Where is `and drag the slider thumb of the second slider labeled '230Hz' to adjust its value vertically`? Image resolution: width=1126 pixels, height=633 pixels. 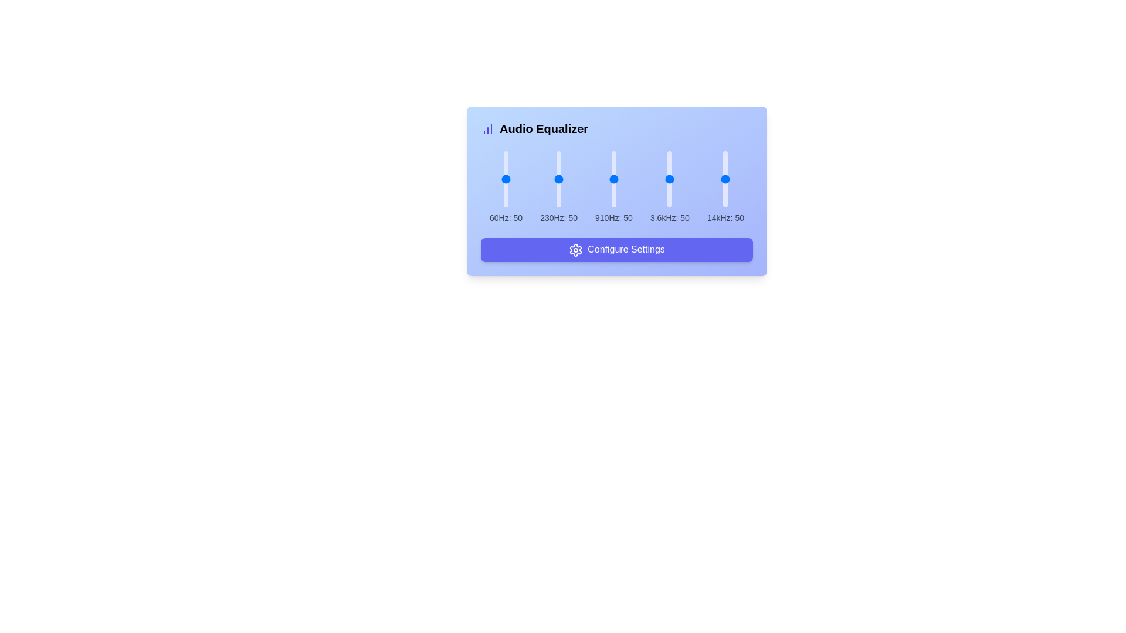 and drag the slider thumb of the second slider labeled '230Hz' to adjust its value vertically is located at coordinates (558, 187).